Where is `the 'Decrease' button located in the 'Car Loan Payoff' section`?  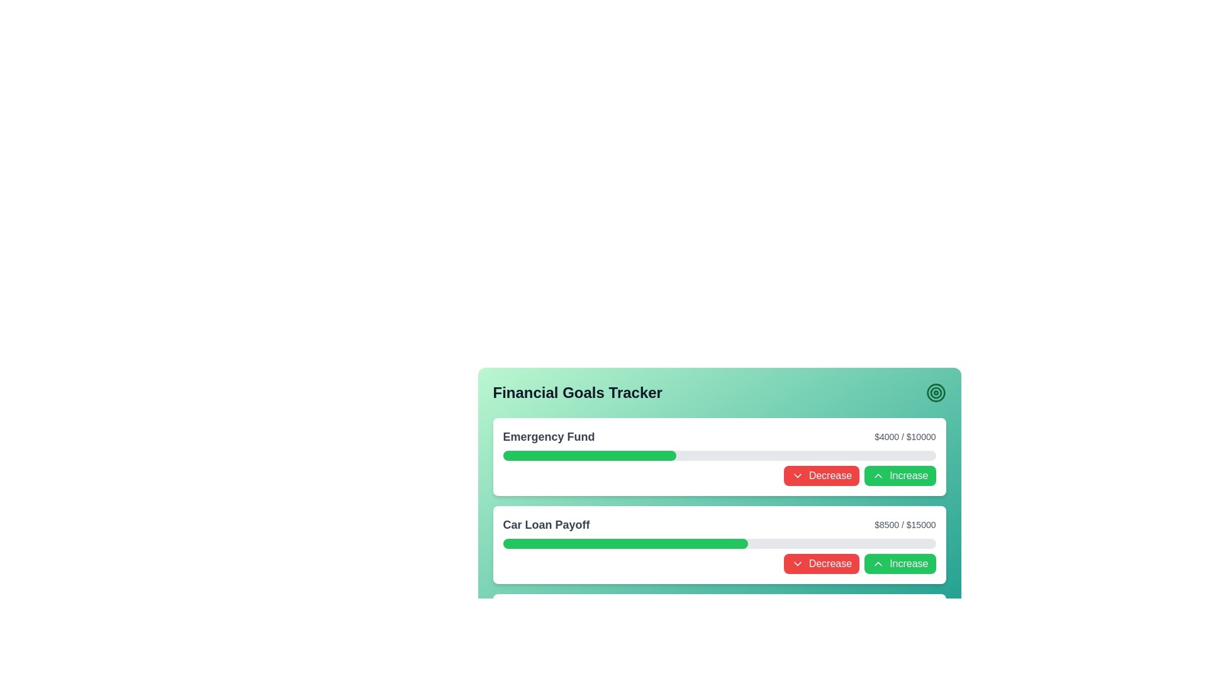
the 'Decrease' button located in the 'Car Loan Payoff' section is located at coordinates (821, 651).